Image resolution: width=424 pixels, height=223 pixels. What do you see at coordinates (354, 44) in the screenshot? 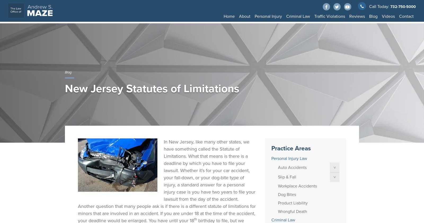
I see `'Motorcycle Accidents'` at bounding box center [354, 44].